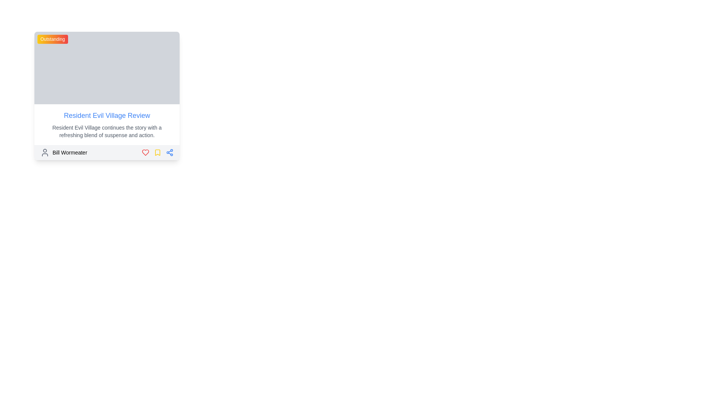 This screenshot has height=408, width=726. I want to click on the red heart icon located at the bottom section of the review card to like, so click(145, 153).